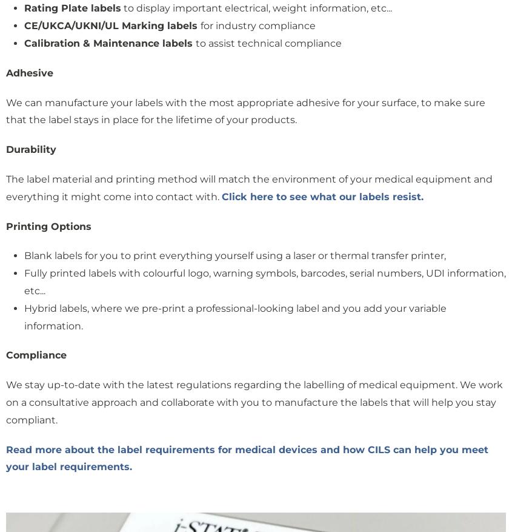 This screenshot has width=512, height=532. Describe the element at coordinates (29, 72) in the screenshot. I see `'Adhesive'` at that location.